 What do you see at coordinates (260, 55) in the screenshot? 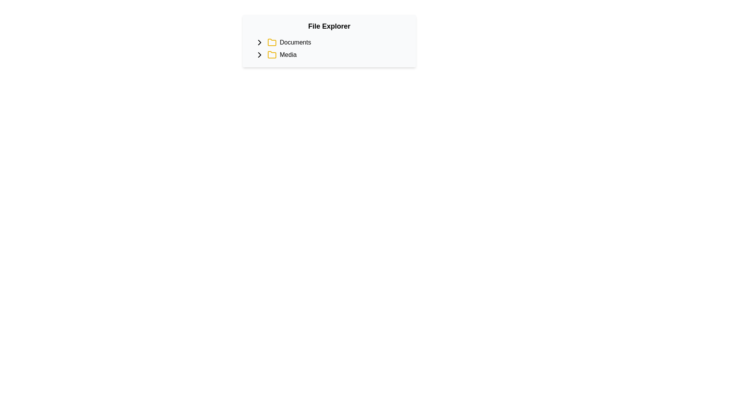
I see `the chevron icon used for expanding or collapsing the 'Media' section via keyboard navigation` at bounding box center [260, 55].